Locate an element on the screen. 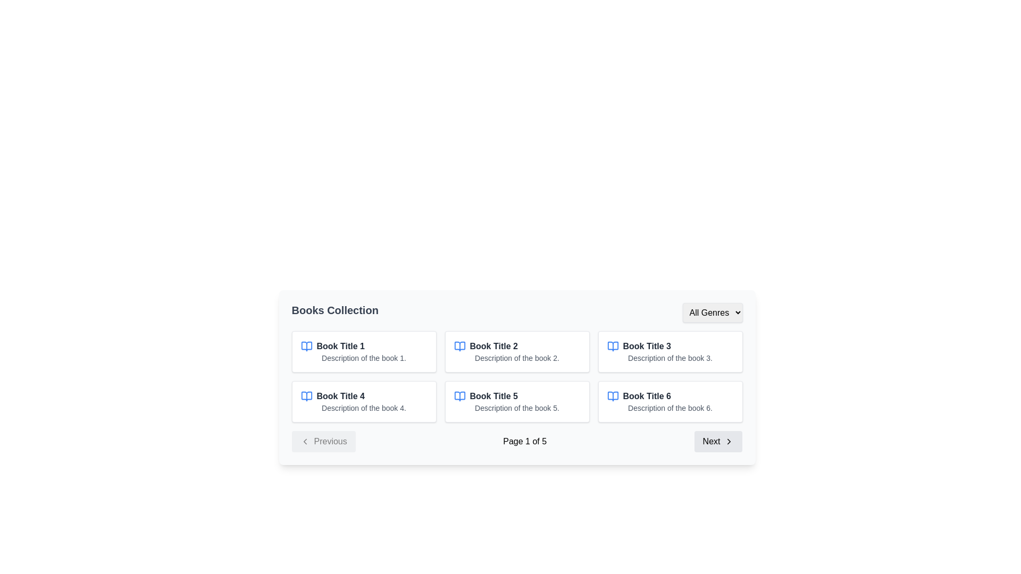  the left-facing chevron icon located within the 'Previous' button at the bottom of the 'Books Collection' interface is located at coordinates (304, 441).